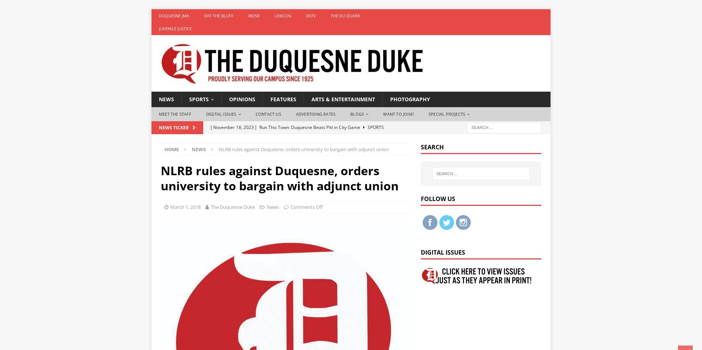  Describe the element at coordinates (420, 146) in the screenshot. I see `'Search'` at that location.